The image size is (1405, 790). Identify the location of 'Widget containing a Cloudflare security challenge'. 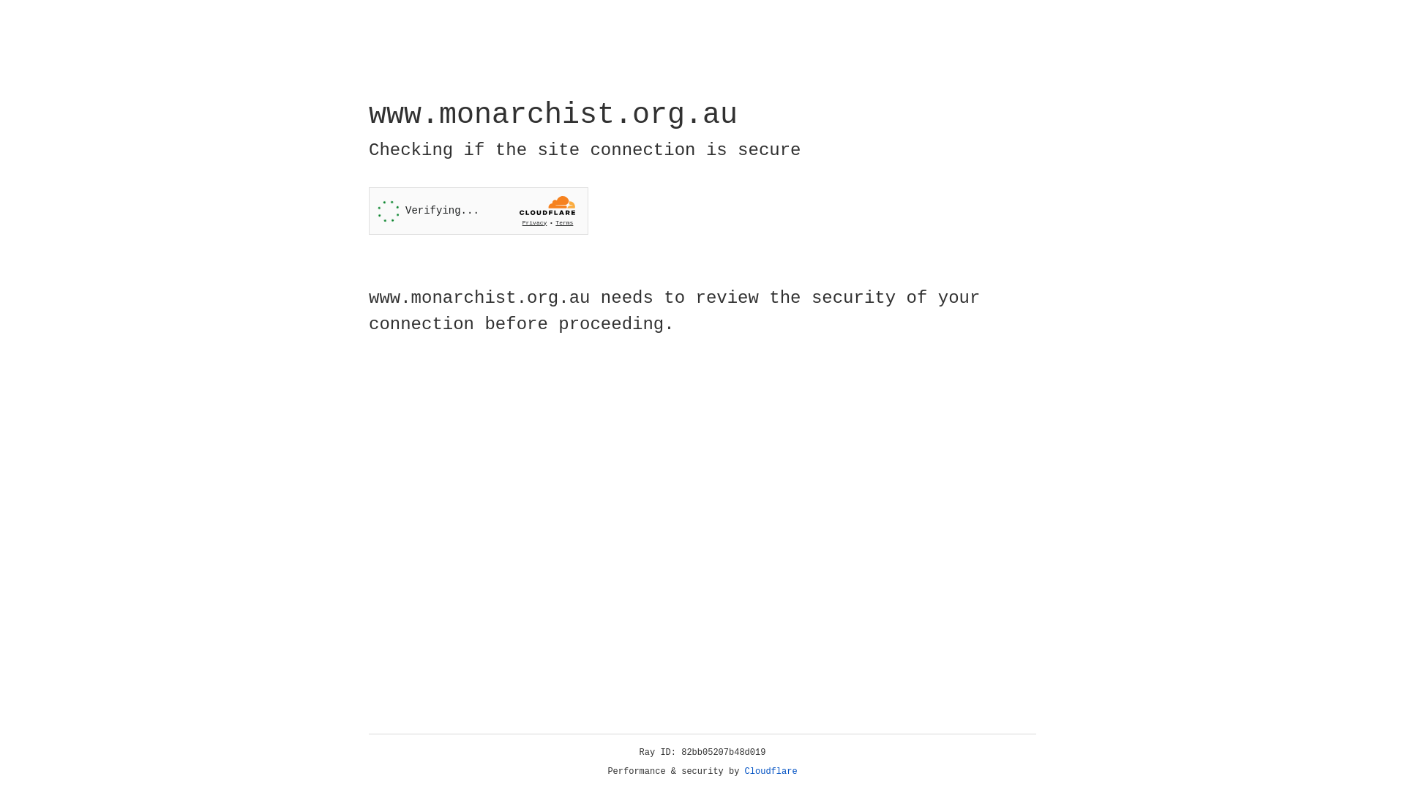
(478, 211).